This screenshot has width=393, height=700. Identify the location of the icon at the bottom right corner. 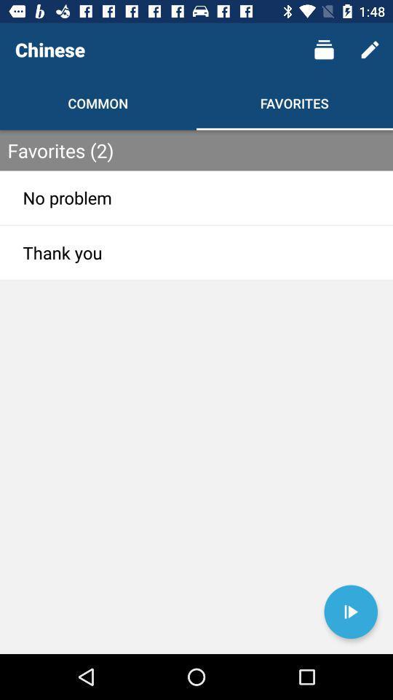
(350, 612).